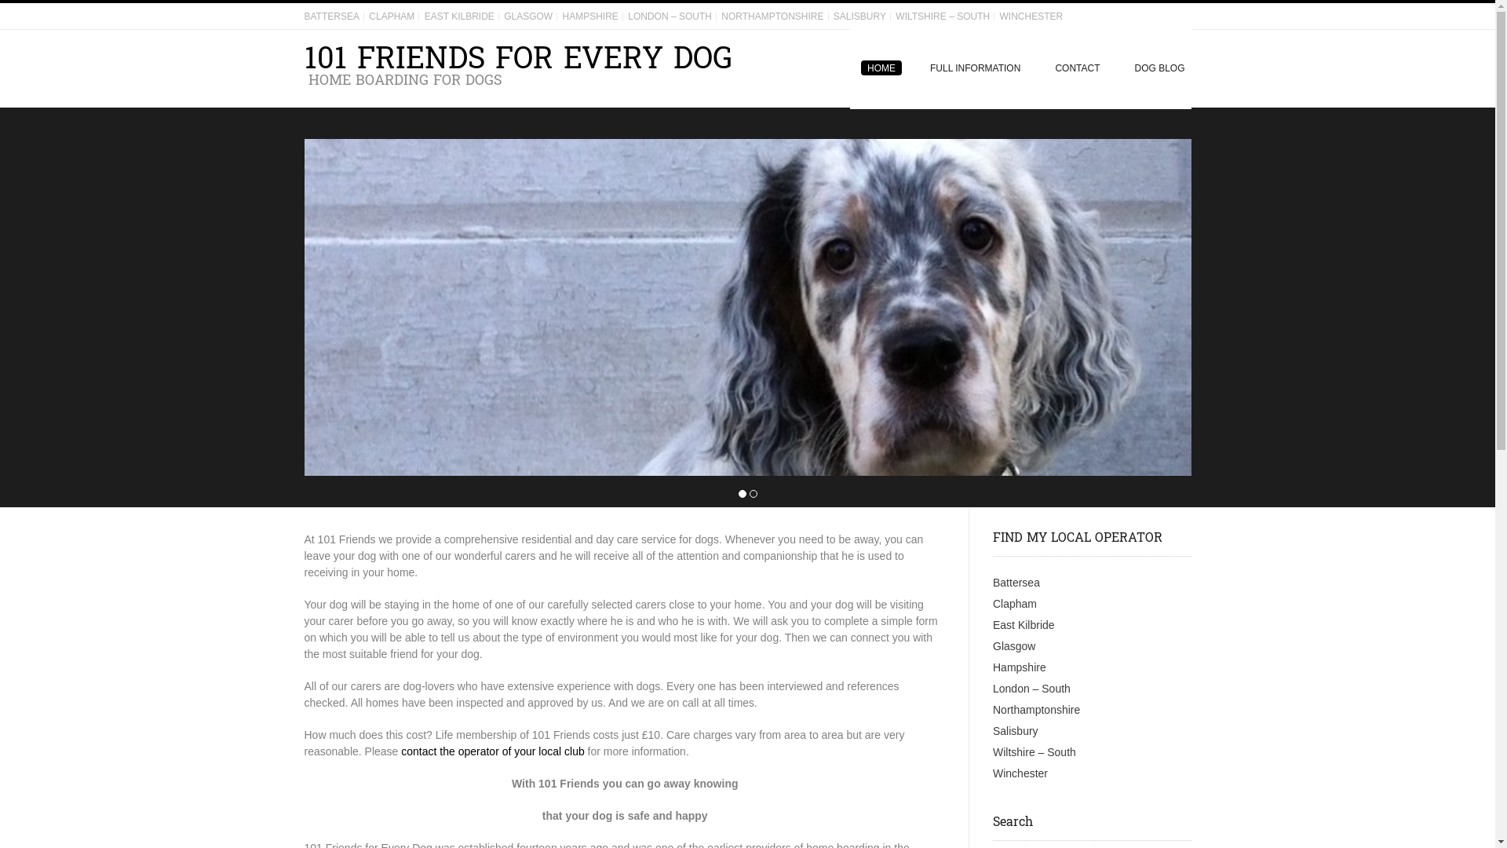  Describe the element at coordinates (562, 16) in the screenshot. I see `'HAMPSHIRE'` at that location.